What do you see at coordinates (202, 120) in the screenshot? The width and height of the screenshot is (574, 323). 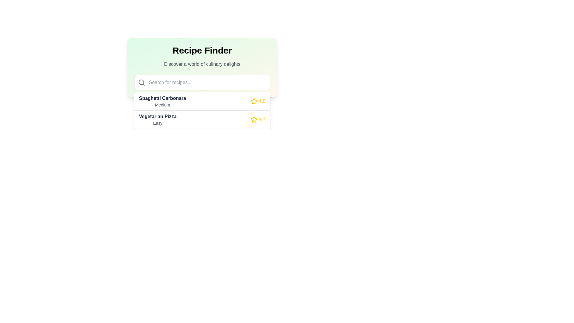 I see `the 'Vegetarian Pizza' menu option in the dropdown list` at bounding box center [202, 120].